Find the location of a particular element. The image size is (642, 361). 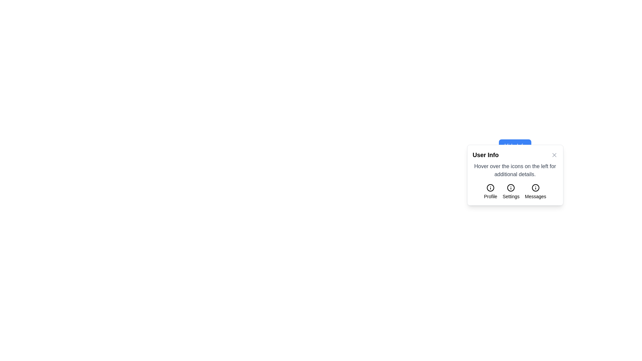

the circular information icon with a black stroke on a white background, located under 'User Info' next to 'Messages' is located at coordinates (535, 188).